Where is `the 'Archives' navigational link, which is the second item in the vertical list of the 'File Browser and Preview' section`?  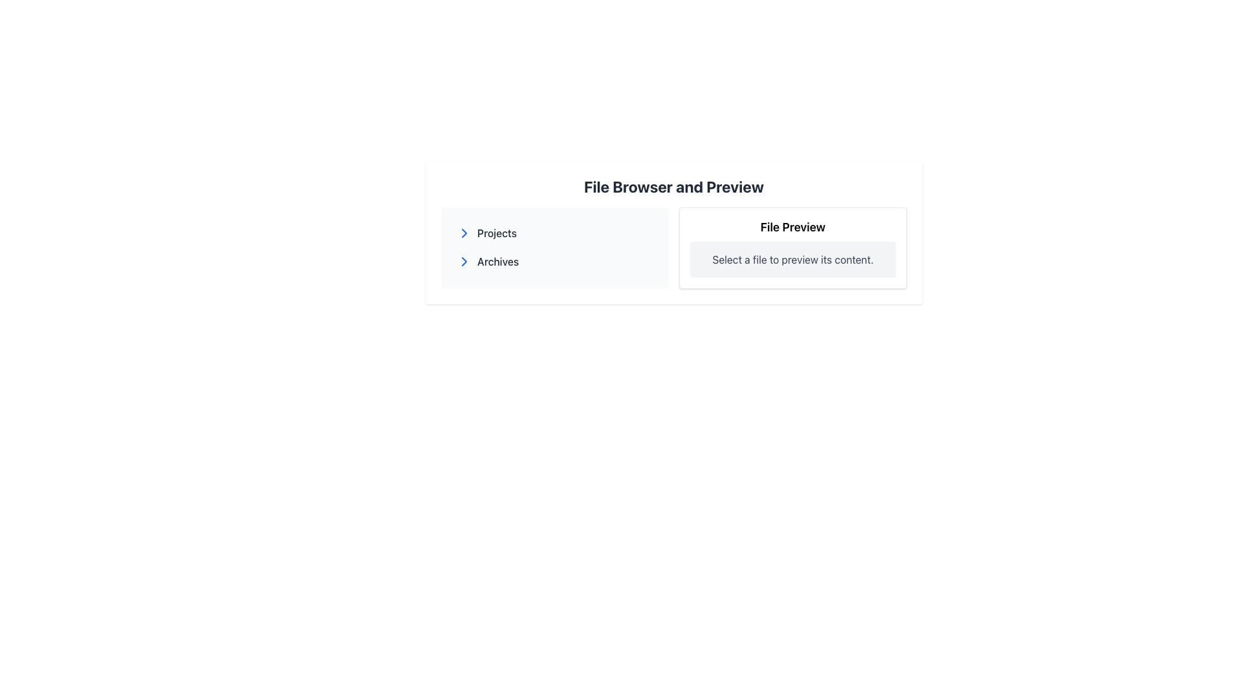
the 'Archives' navigational link, which is the second item in the vertical list of the 'File Browser and Preview' section is located at coordinates (555, 262).